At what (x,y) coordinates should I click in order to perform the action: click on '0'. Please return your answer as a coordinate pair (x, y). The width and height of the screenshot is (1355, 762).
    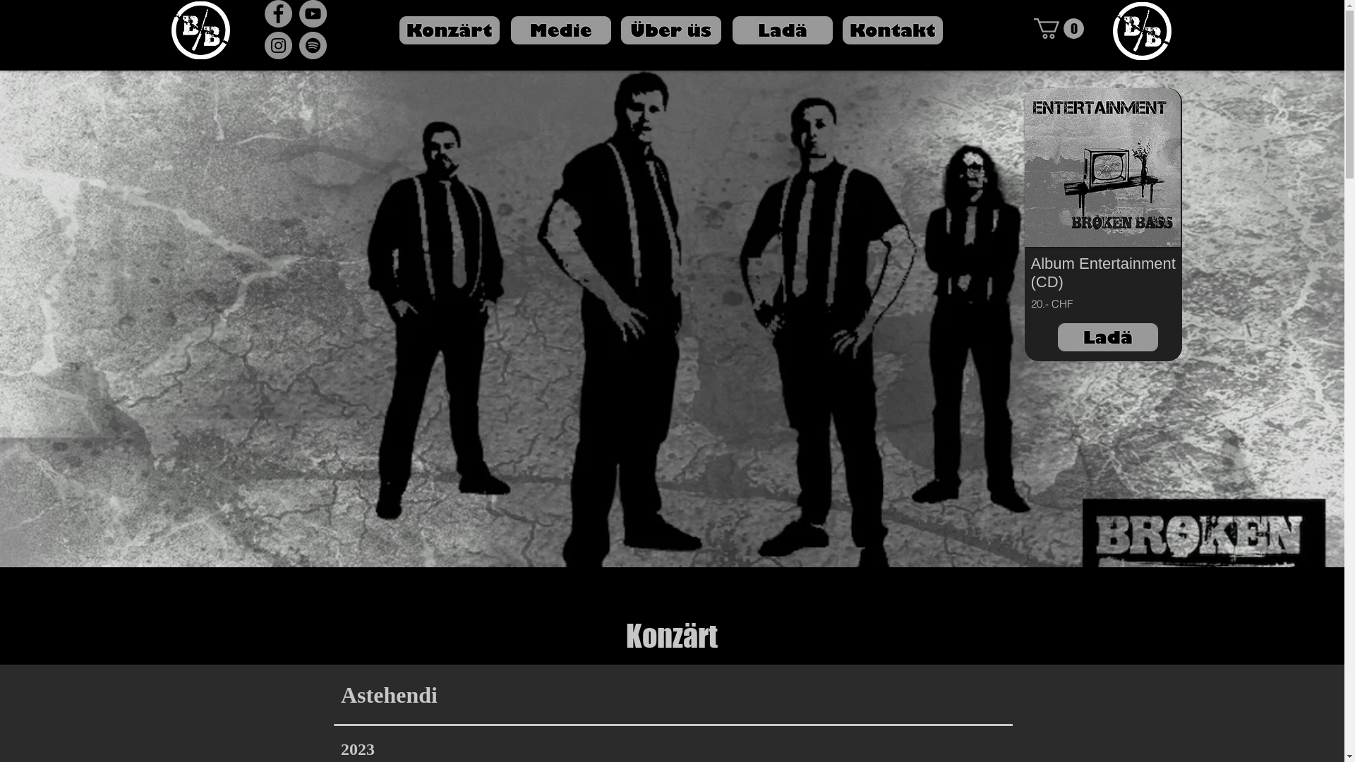
    Looking at the image, I should click on (1058, 28).